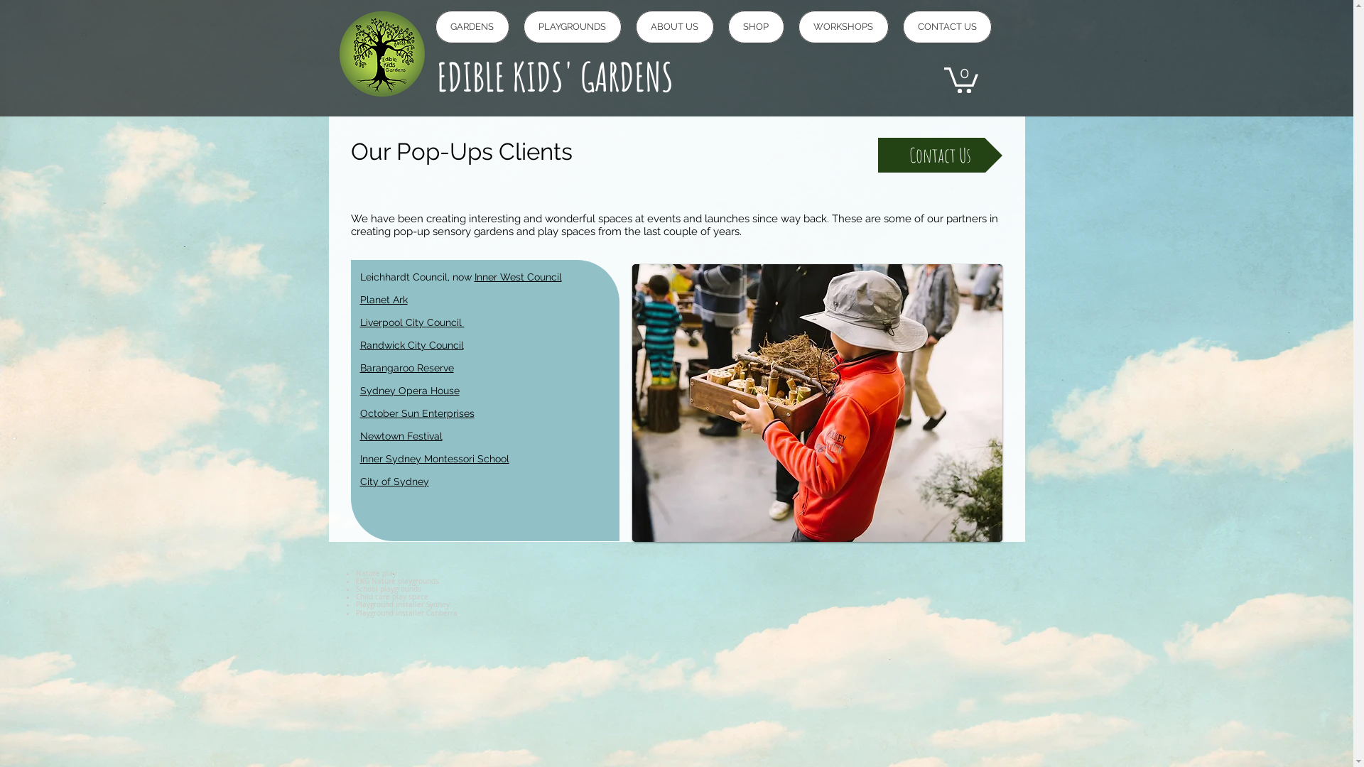 This screenshot has width=1364, height=767. Describe the element at coordinates (572, 27) in the screenshot. I see `'PLAYGROUNDS'` at that location.